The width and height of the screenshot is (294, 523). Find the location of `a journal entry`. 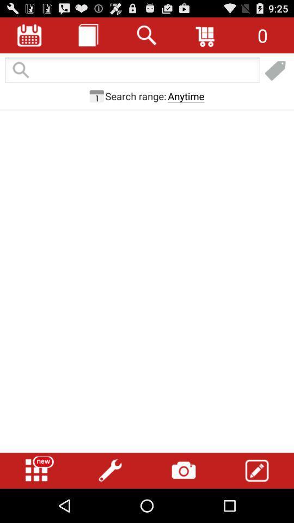

a journal entry is located at coordinates (88, 35).